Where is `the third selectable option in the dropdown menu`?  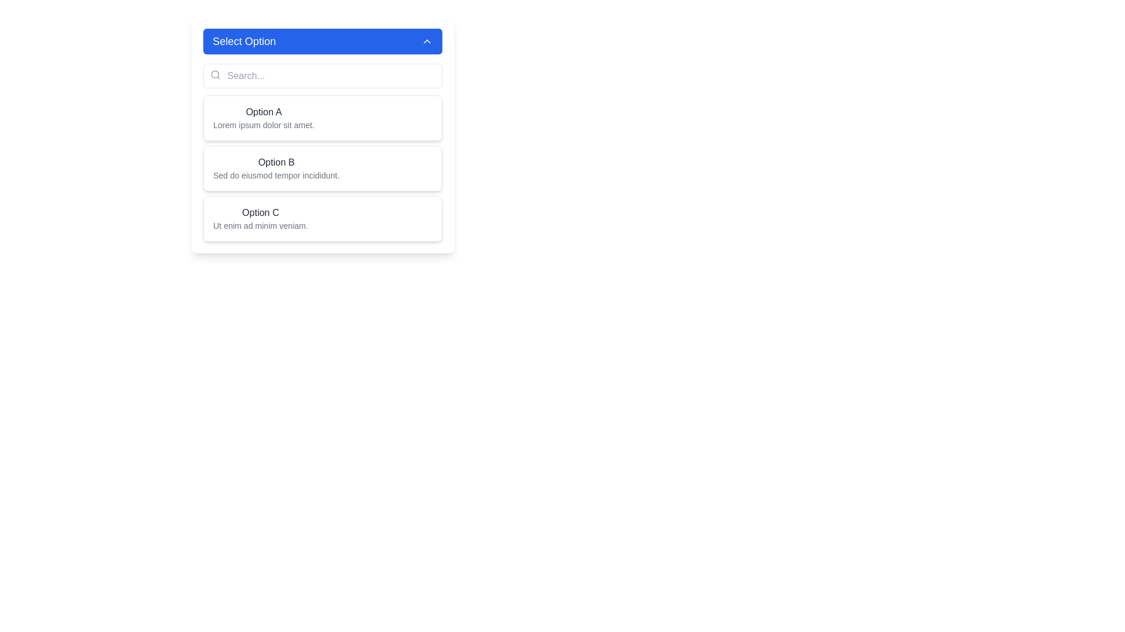 the third selectable option in the dropdown menu is located at coordinates (323, 219).